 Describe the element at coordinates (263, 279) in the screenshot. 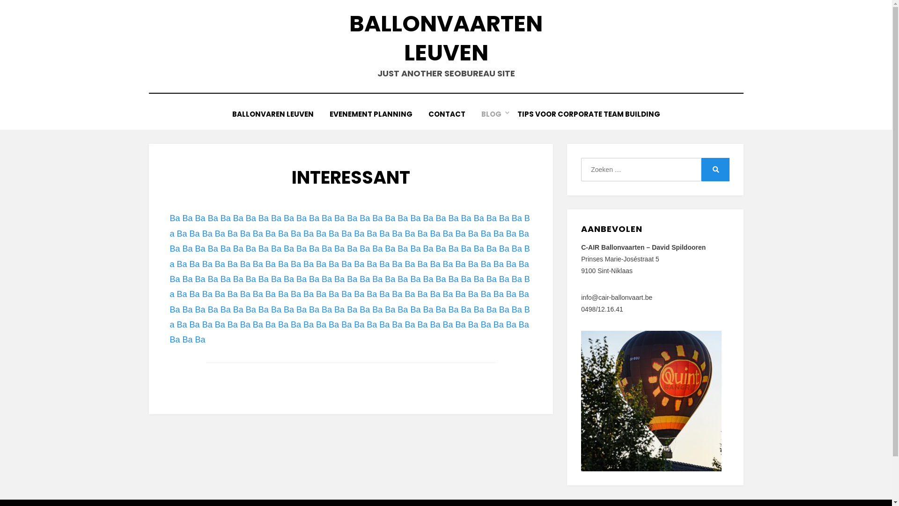

I see `'Ba'` at that location.